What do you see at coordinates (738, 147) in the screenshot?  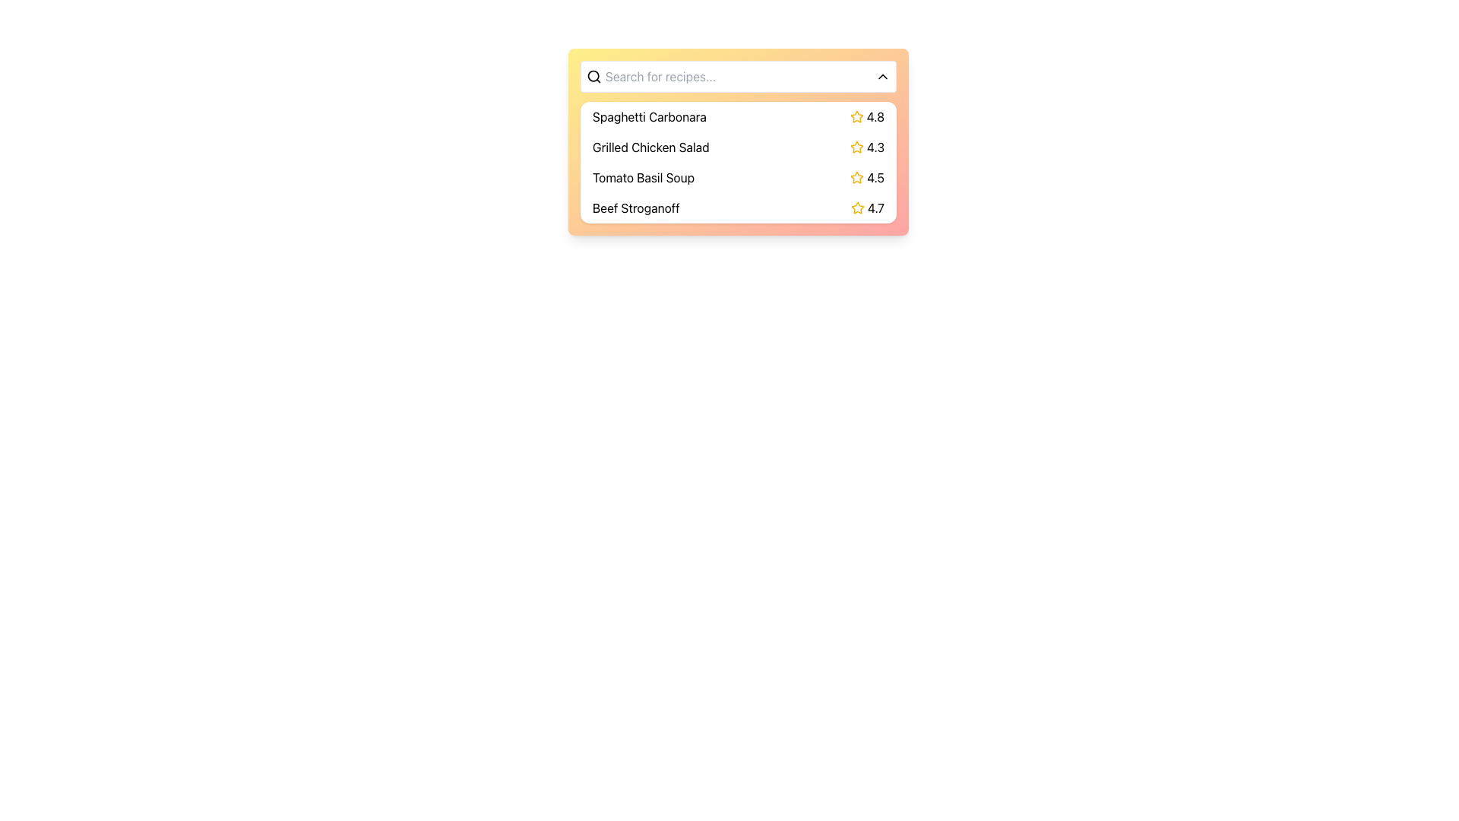 I see `the 'Grilled Chicken Salad' menu item which is the second item in the vertical list of menu options` at bounding box center [738, 147].